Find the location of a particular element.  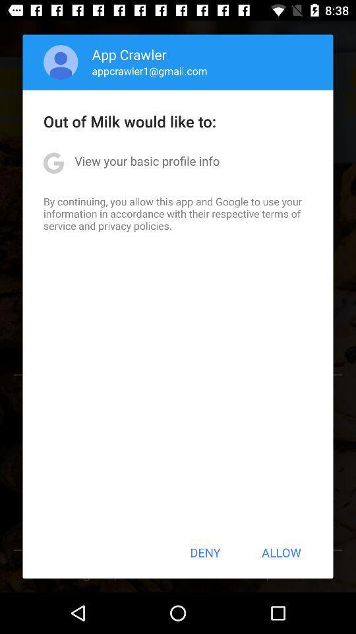

icon above the out of milk app is located at coordinates (149, 71).